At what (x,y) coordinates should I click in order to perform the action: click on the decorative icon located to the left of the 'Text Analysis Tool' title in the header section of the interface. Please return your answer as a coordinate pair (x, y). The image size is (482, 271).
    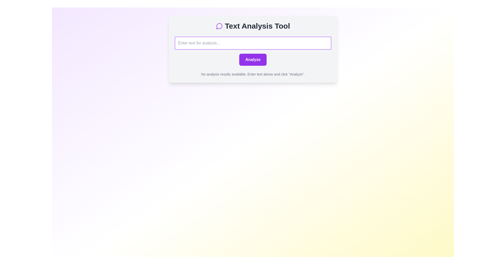
    Looking at the image, I should click on (219, 26).